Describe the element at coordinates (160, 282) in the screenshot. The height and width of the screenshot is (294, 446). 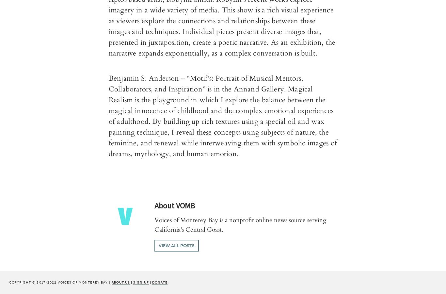
I see `'DONATE'` at that location.